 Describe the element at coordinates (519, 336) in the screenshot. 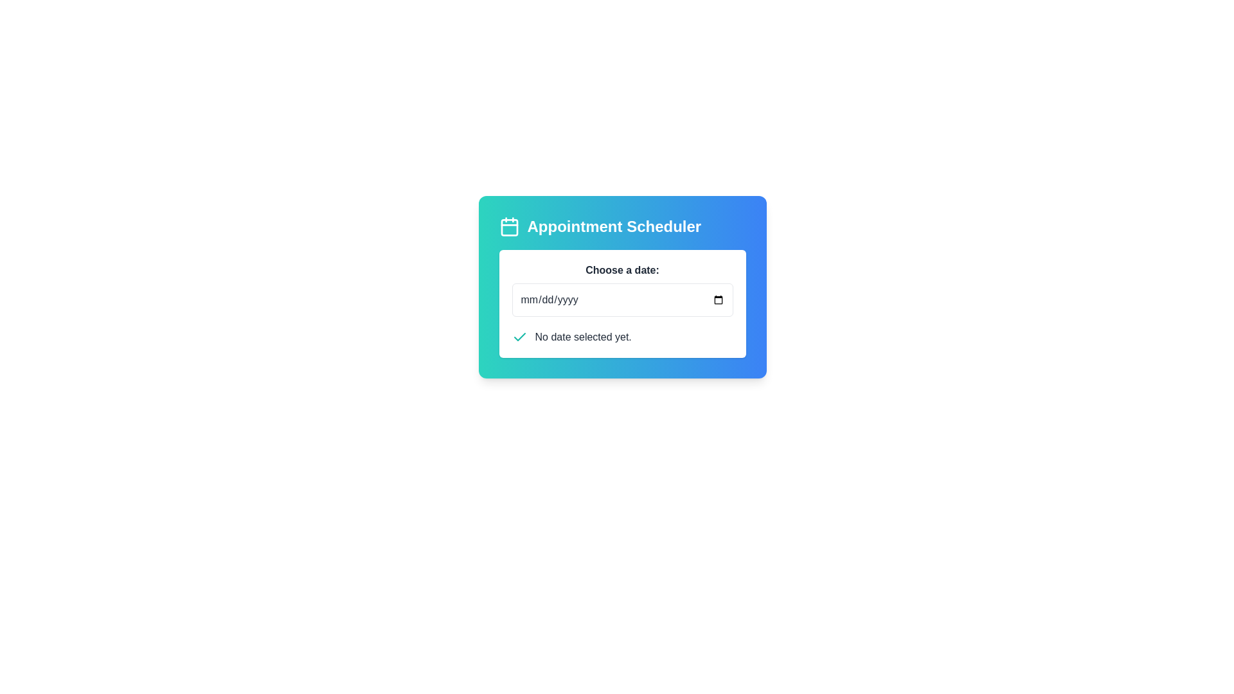

I see `the Checkmark icon that indicates a selection or confirmation status, positioned to the left of the text 'No date selected yet.'` at that location.